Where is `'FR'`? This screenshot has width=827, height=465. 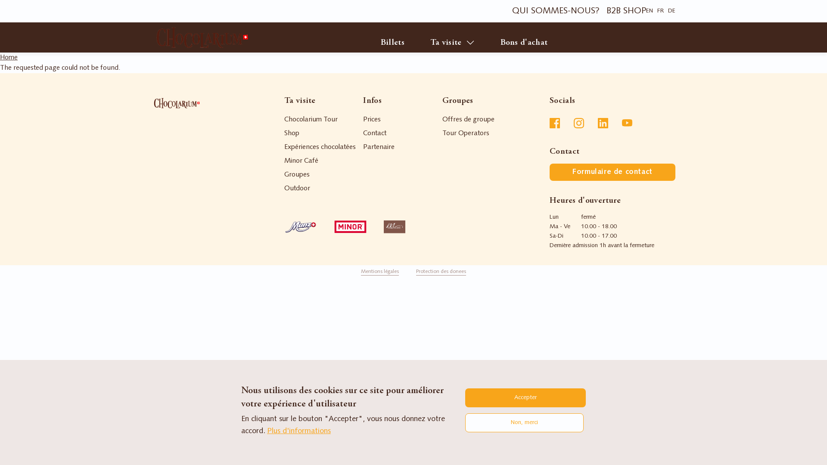
'FR' is located at coordinates (660, 11).